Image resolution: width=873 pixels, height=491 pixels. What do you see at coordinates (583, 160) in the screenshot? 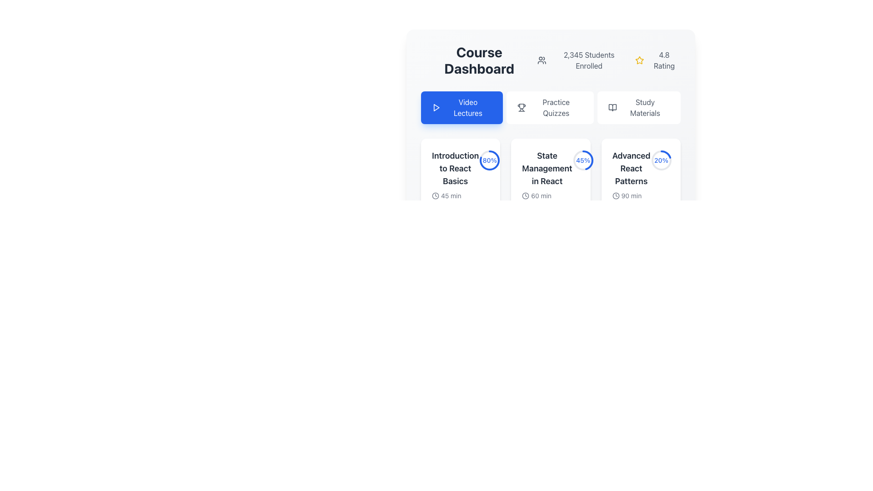
I see `the progress indicated by the Circular progress visual indicator located in the top-right corner of the 'State Management in React' card` at bounding box center [583, 160].